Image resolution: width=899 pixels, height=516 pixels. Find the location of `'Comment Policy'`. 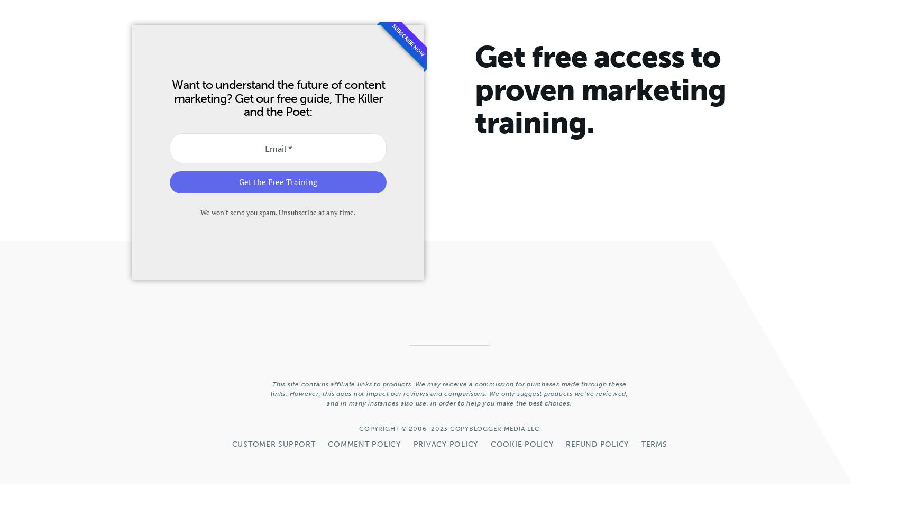

'Comment Policy' is located at coordinates (364, 444).